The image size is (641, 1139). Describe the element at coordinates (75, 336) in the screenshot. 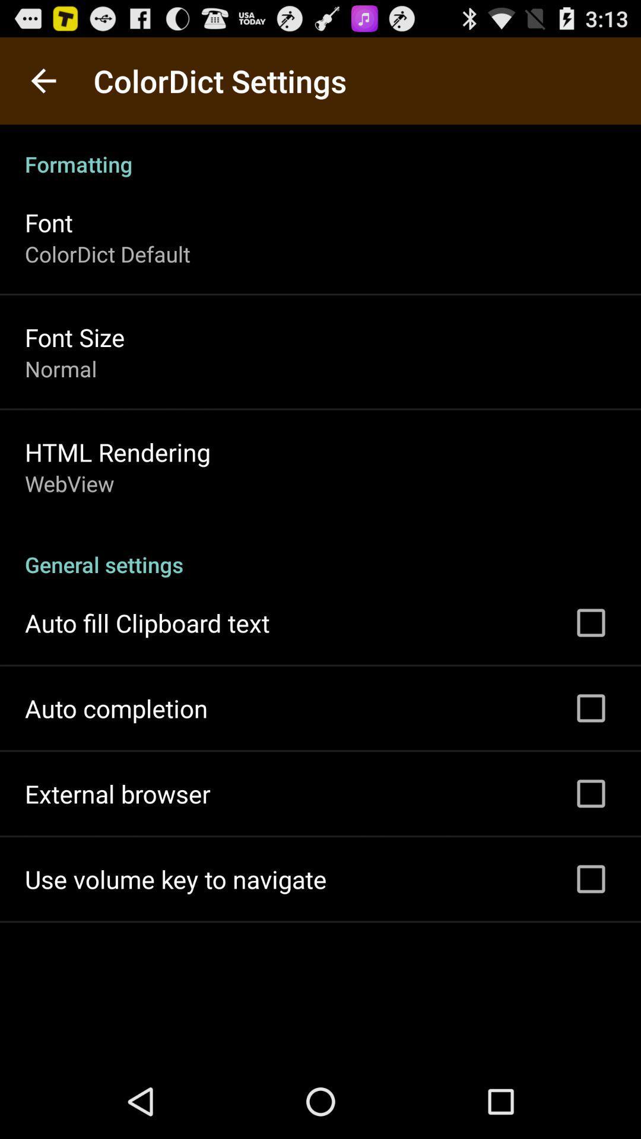

I see `icon below colordict default icon` at that location.